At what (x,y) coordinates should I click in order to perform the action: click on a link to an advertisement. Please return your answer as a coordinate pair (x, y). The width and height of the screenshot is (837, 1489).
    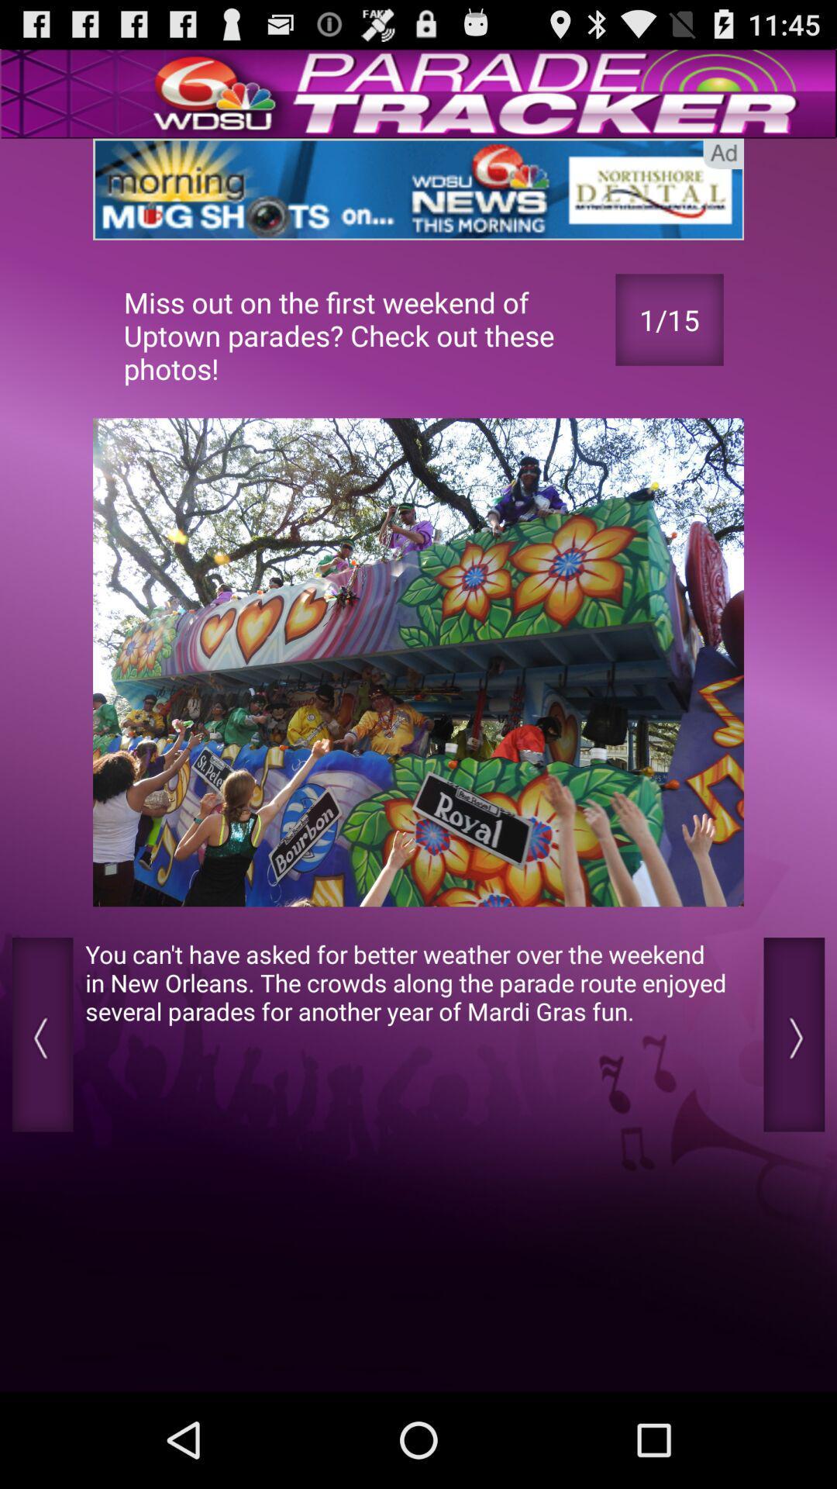
    Looking at the image, I should click on (418, 188).